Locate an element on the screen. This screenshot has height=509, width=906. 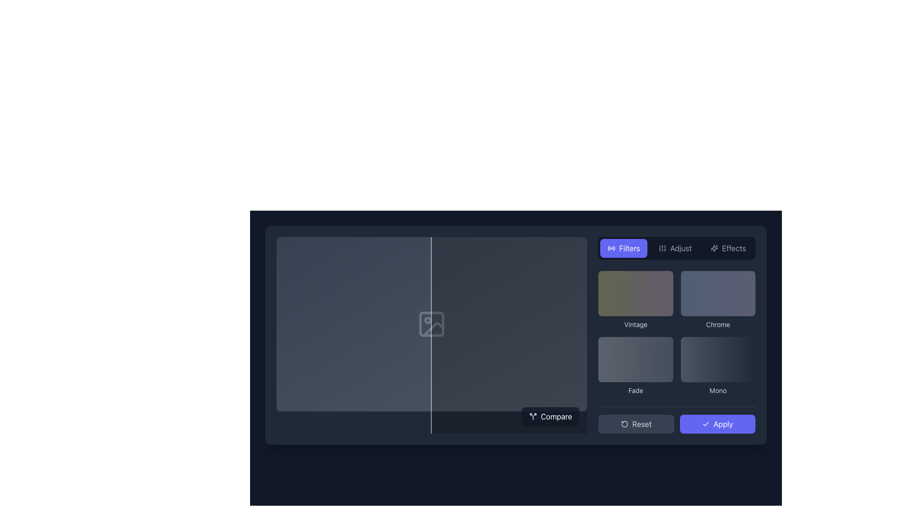
the 'Mono' button, which has a dark gradient background and is positioned in the bottom-right cell of the grid layout is located at coordinates (717, 365).